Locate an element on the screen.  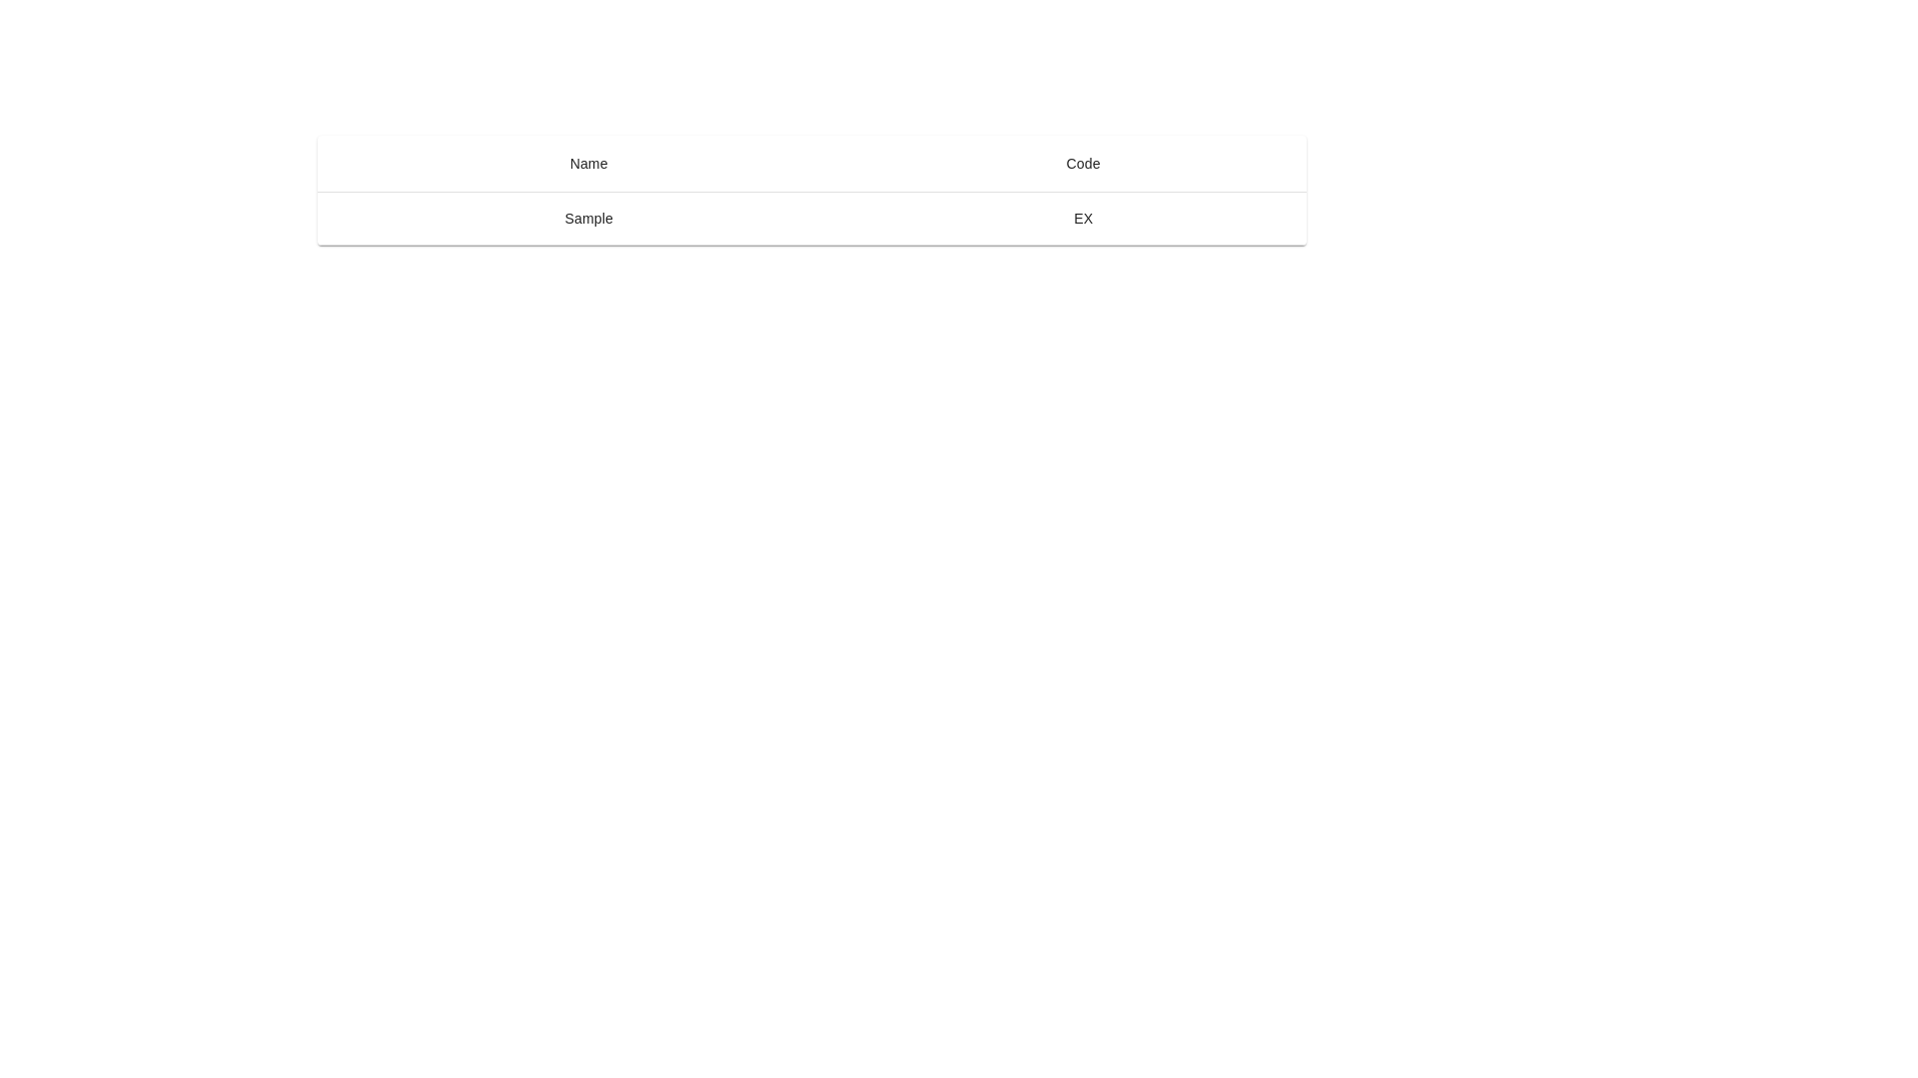
the second row of the table that displays 'Sample' under the 'Name' column and 'EX' under the 'Code' column is located at coordinates (811, 219).